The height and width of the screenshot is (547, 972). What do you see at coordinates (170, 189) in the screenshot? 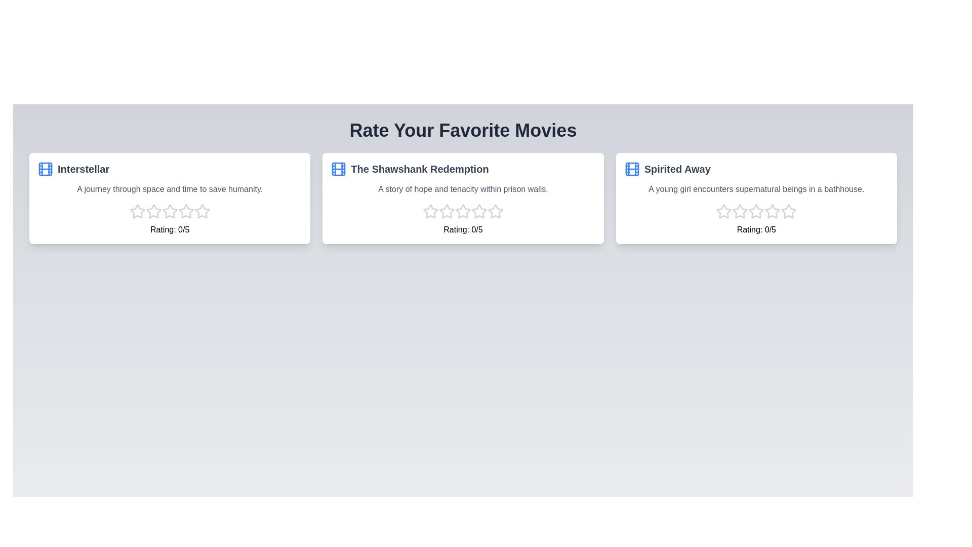
I see `the synopsis of the movie Interstellar` at bounding box center [170, 189].